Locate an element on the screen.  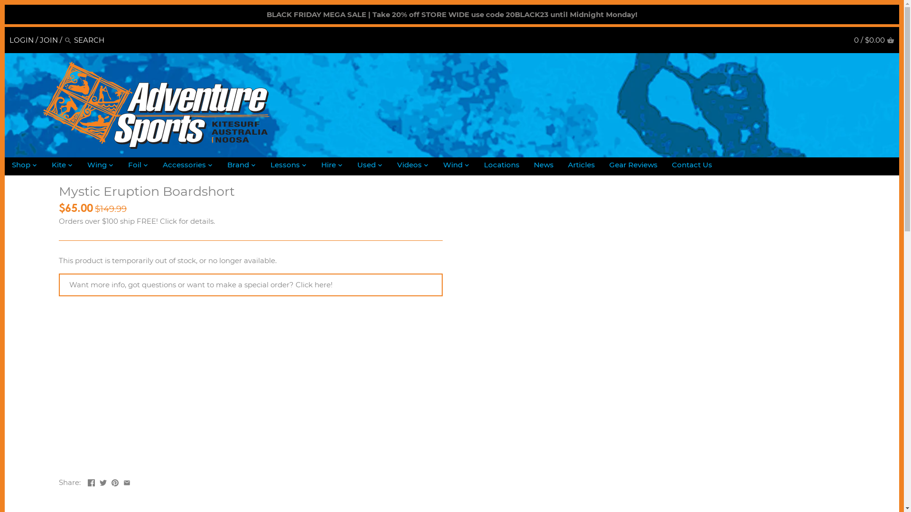
'Contact Us' is located at coordinates (692, 166).